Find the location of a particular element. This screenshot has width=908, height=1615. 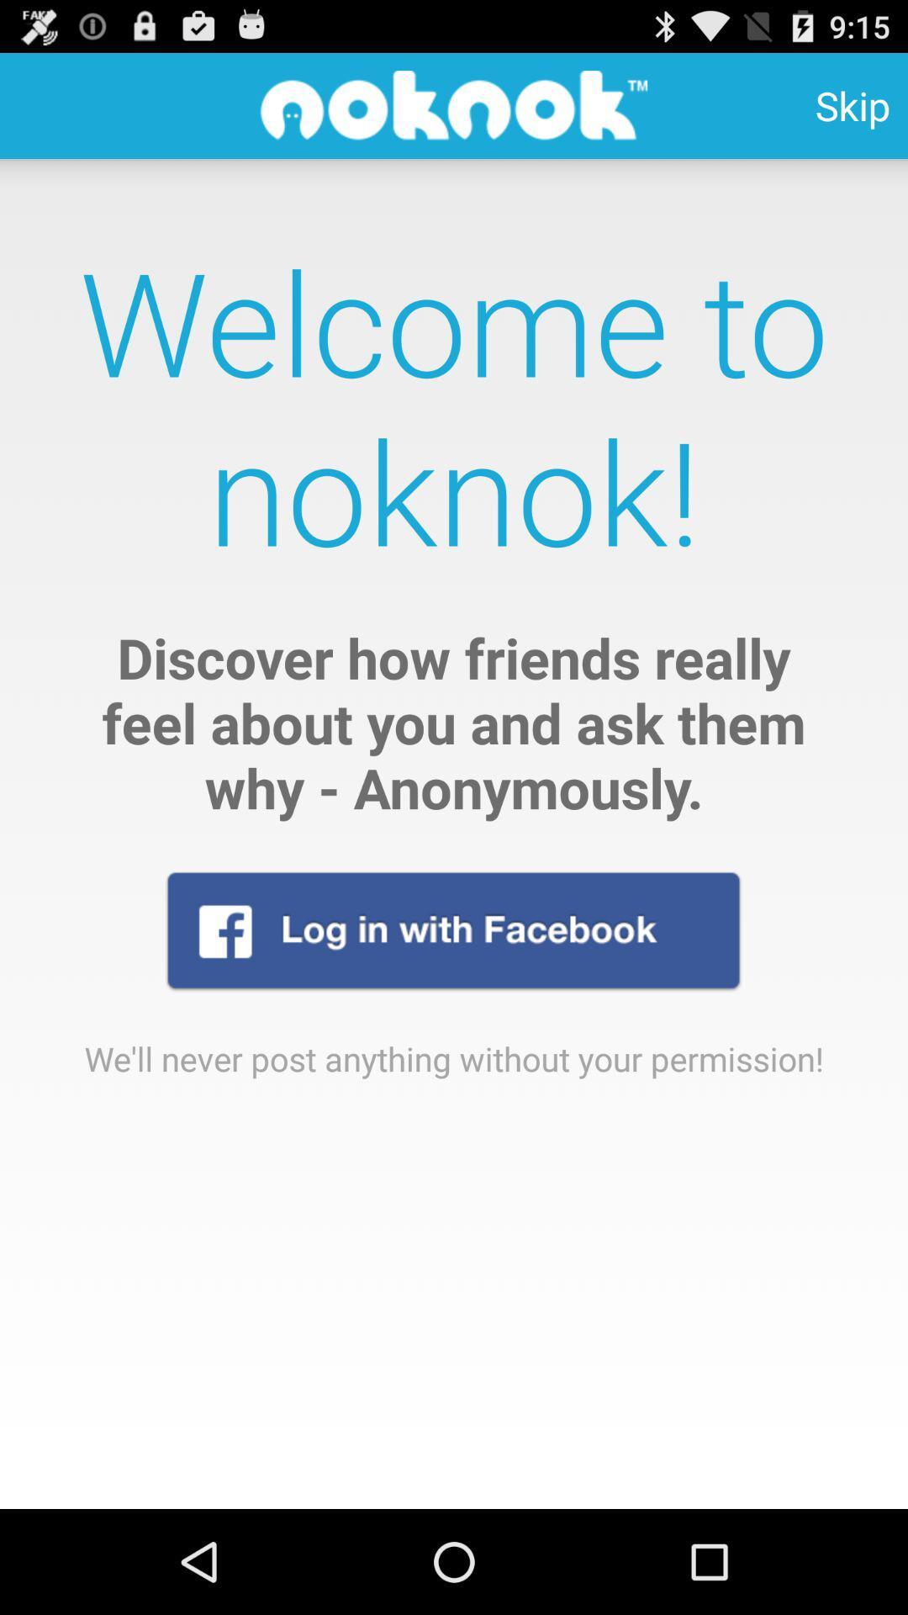

the skip icon is located at coordinates (853, 104).